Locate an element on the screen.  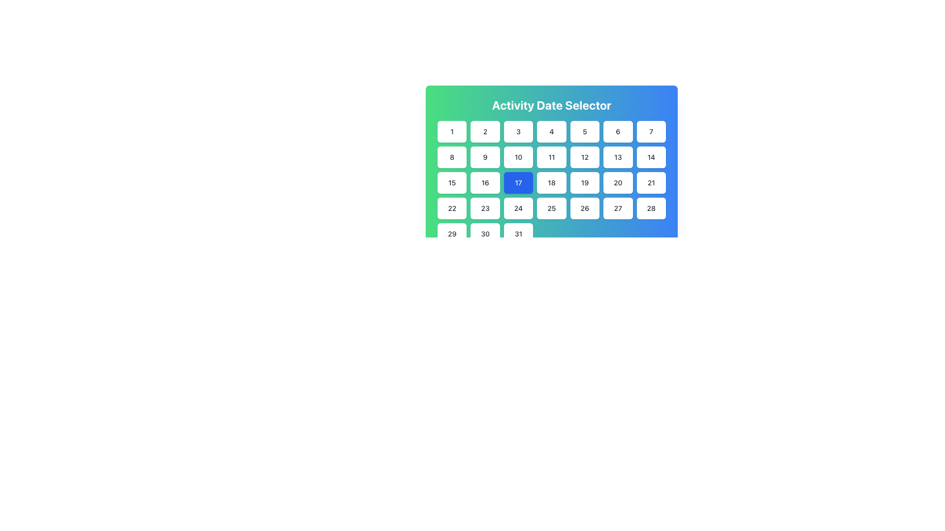
the date selector button for the 16th of the month is located at coordinates (485, 182).